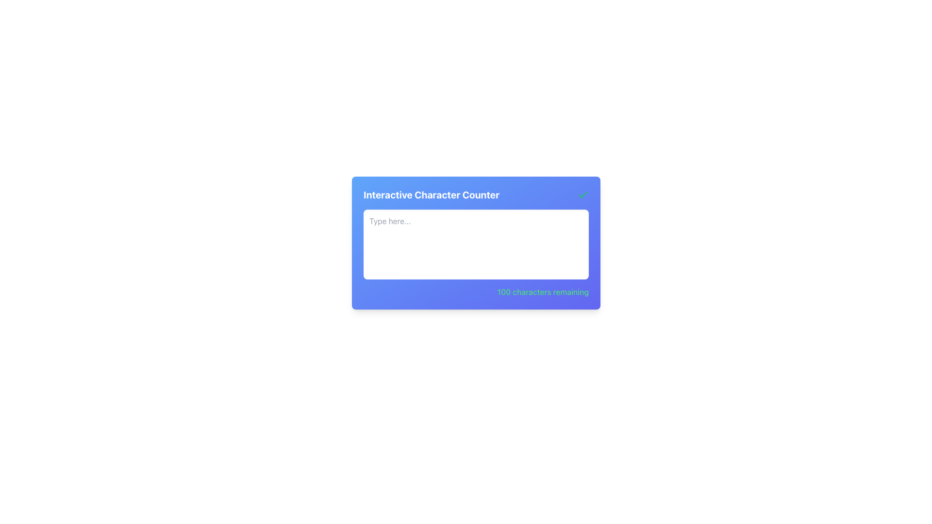  Describe the element at coordinates (542, 291) in the screenshot. I see `the text label displaying '100 characters remaining' styled with a green font and bold text, located in the bottom-right corner of the 'Interactive Character Counter' interface` at that location.